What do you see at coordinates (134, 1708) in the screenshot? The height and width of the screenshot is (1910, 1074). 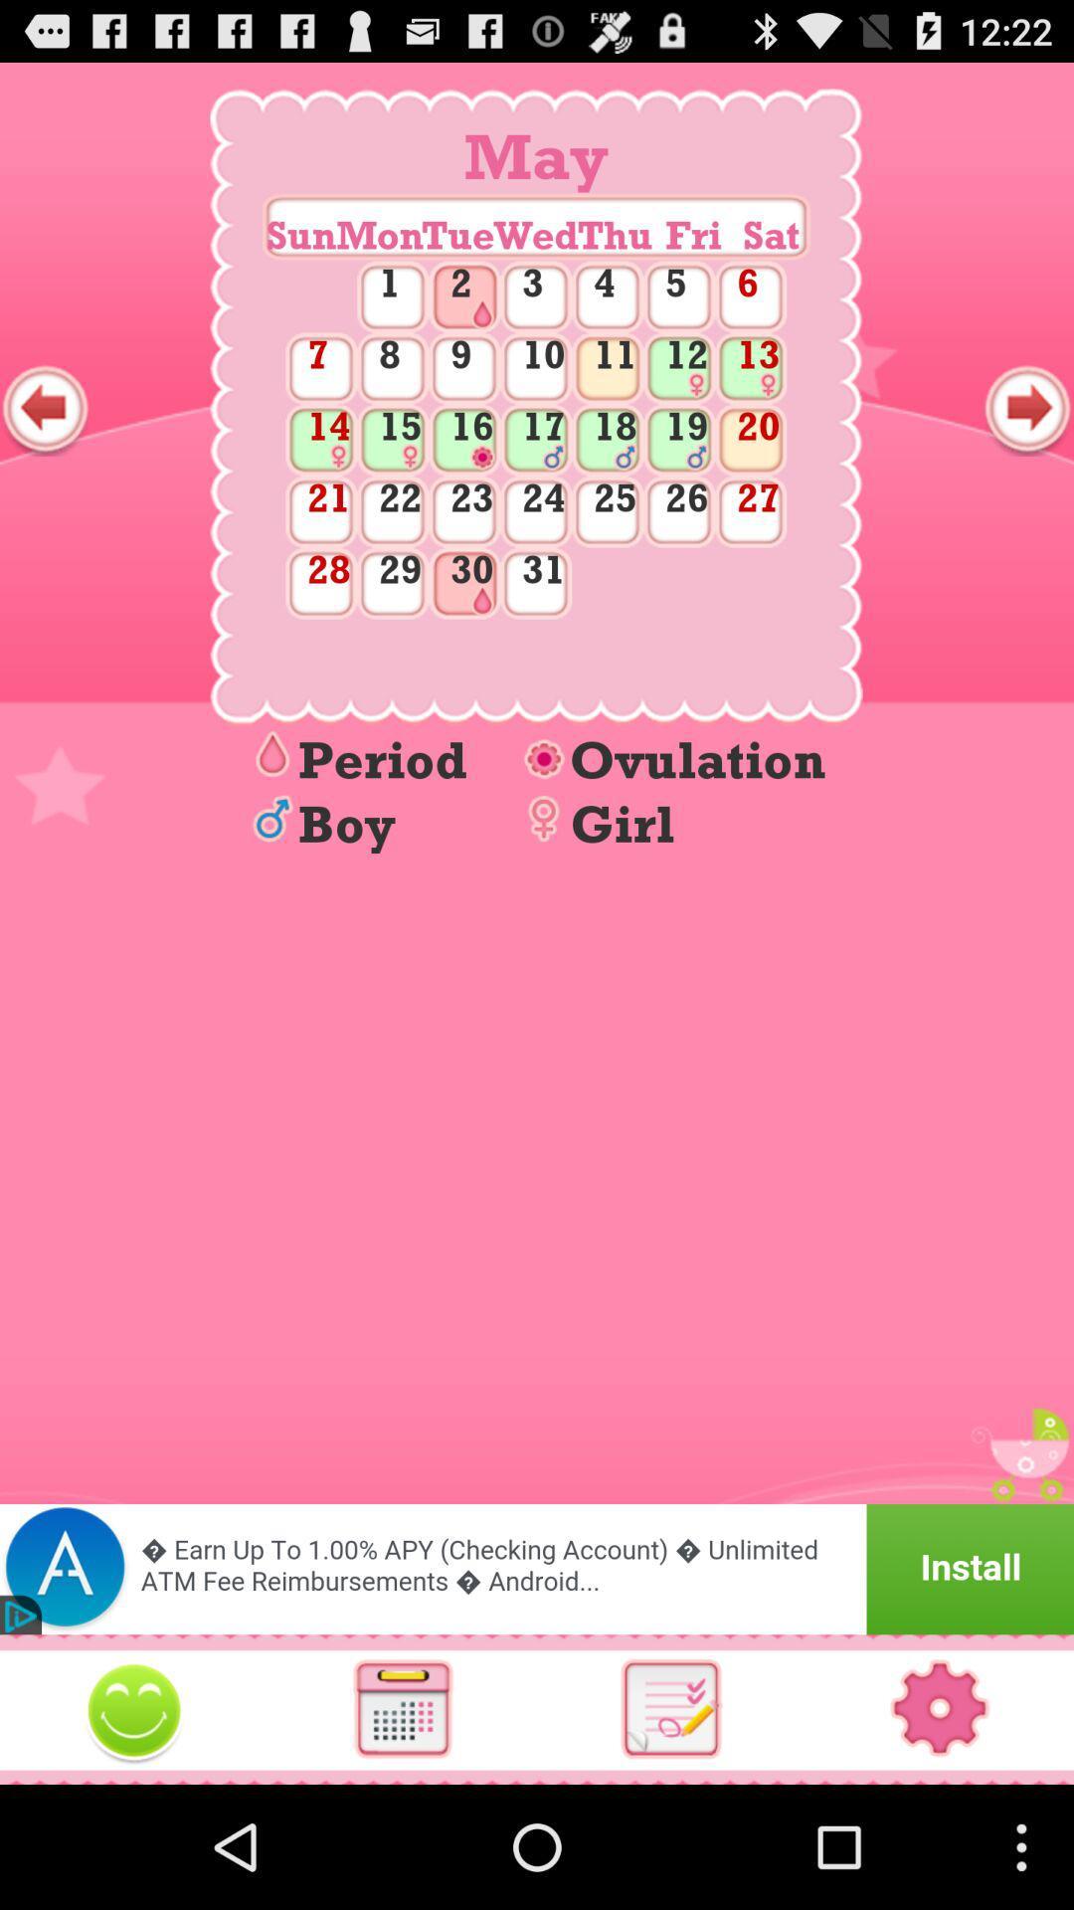 I see `show favorites` at bounding box center [134, 1708].